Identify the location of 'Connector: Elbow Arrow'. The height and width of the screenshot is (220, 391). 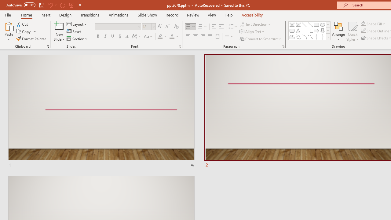
(310, 31).